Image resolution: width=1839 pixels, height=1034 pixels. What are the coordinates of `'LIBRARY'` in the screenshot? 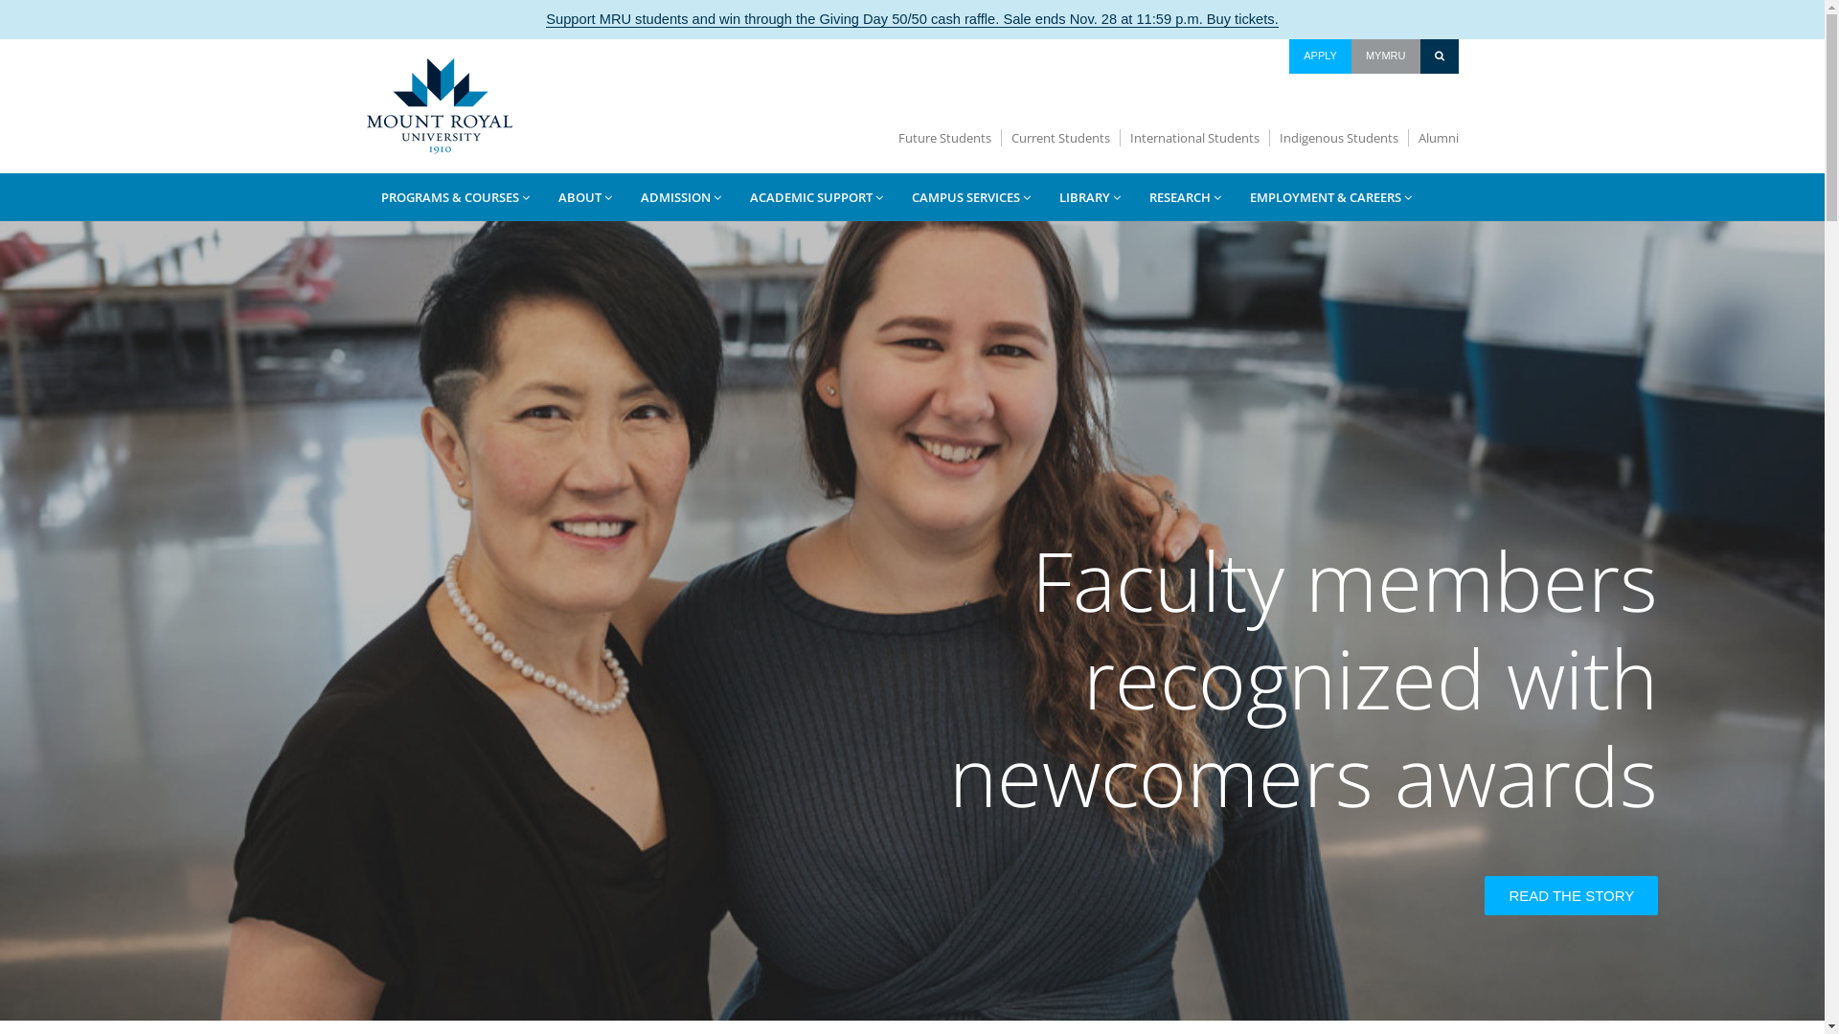 It's located at (1089, 196).